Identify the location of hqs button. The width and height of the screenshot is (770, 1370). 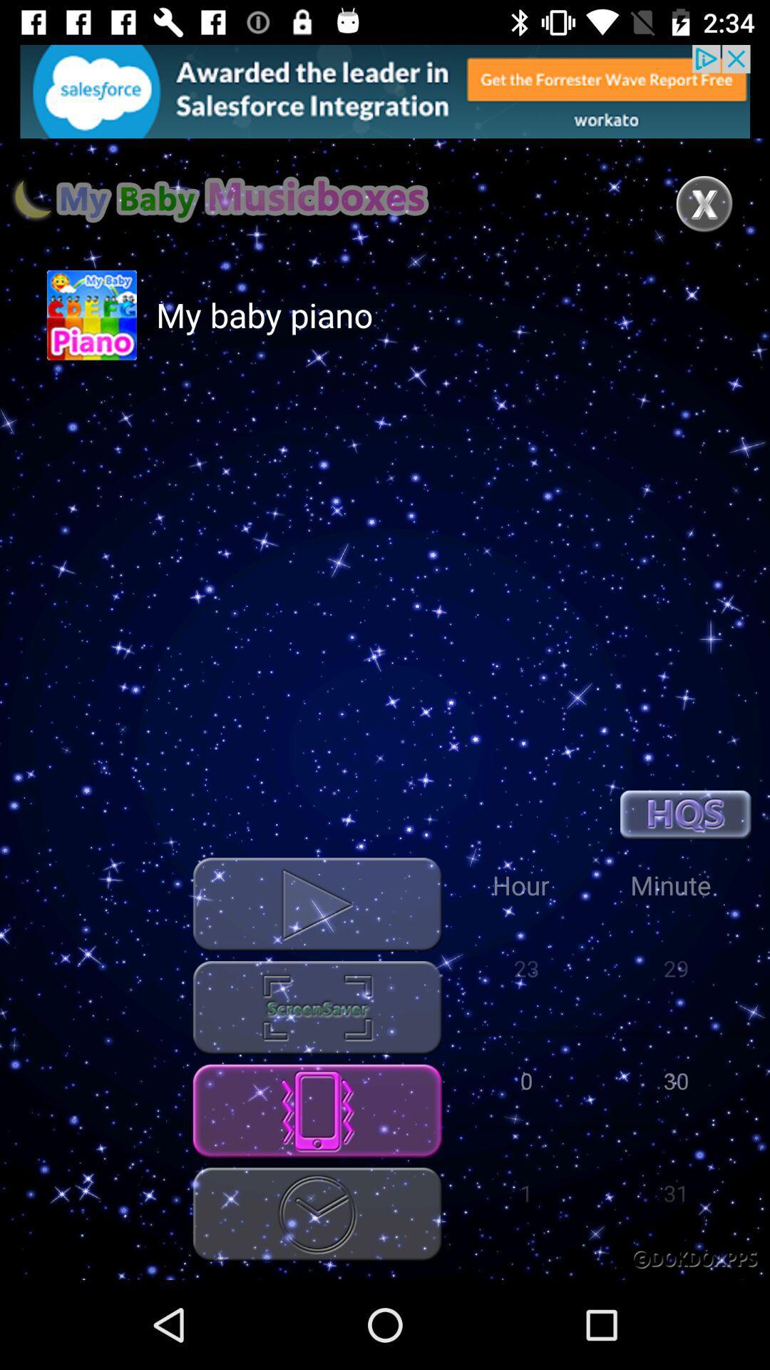
(684, 814).